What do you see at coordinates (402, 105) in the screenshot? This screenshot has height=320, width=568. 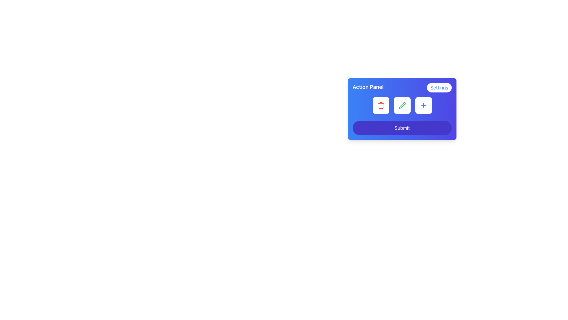 I see `the green pencil-shaped icon button located in the center of the Action Panel` at bounding box center [402, 105].